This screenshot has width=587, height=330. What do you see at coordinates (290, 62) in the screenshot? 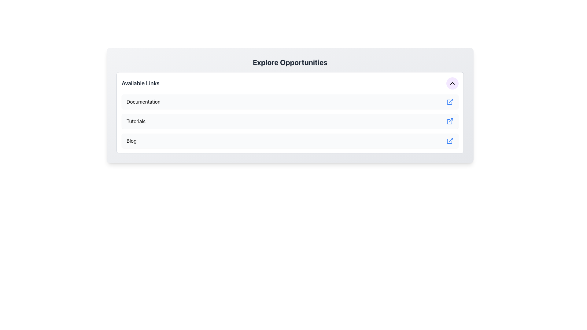
I see `text from the bold, large-size heading labeled 'Explore Opportunities' which is positioned at the top of a card-like section with a gradient background` at bounding box center [290, 62].